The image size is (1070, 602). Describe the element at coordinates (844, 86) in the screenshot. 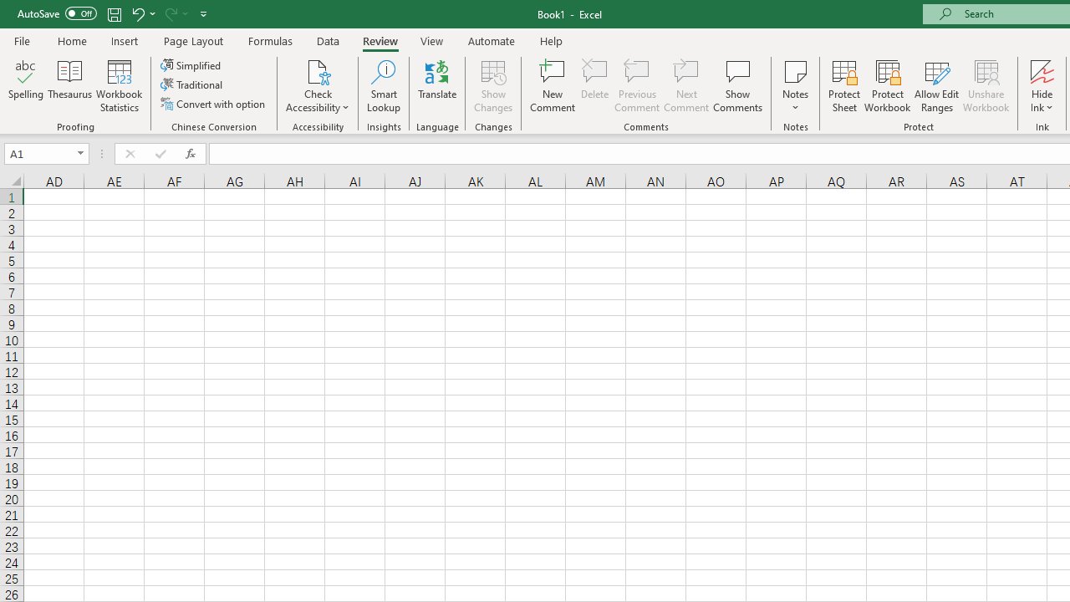

I see `'Protect Sheet...'` at that location.